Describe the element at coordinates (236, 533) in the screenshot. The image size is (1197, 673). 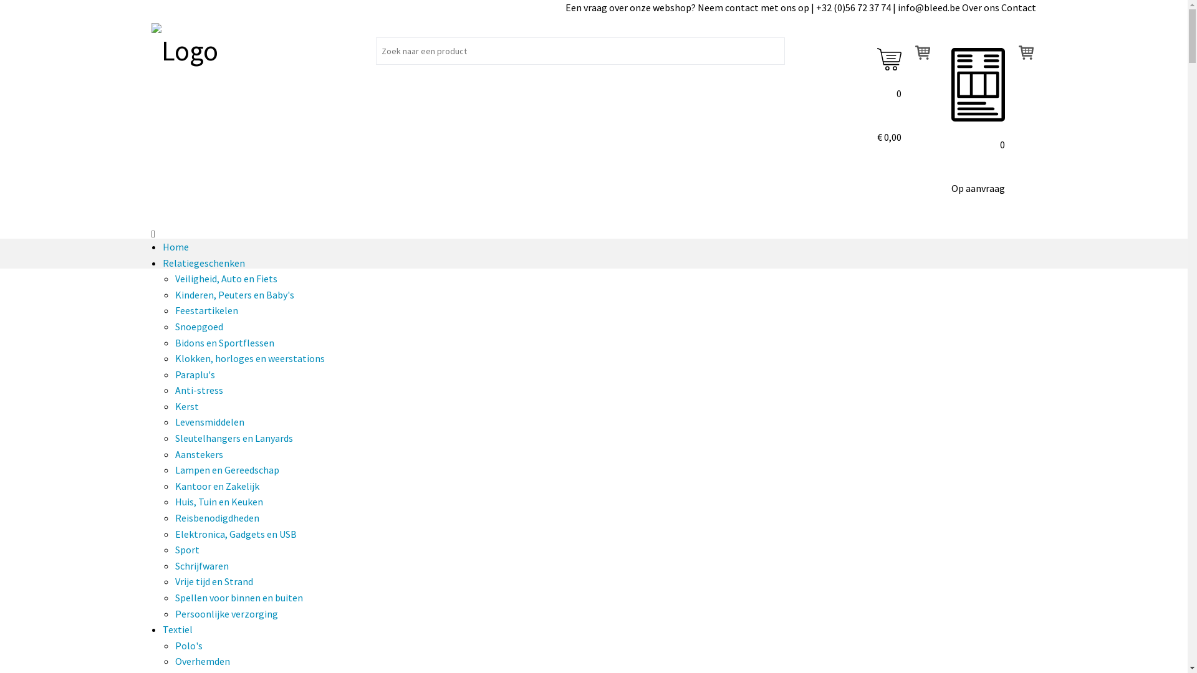
I see `'Elektronica, Gadgets en USB'` at that location.